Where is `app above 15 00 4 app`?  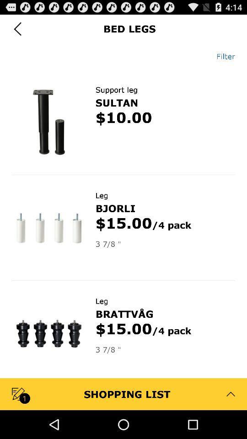 app above 15 00 4 app is located at coordinates (115, 208).